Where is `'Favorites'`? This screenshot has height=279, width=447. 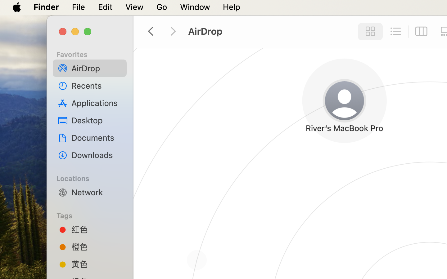
'Favorites' is located at coordinates (93, 53).